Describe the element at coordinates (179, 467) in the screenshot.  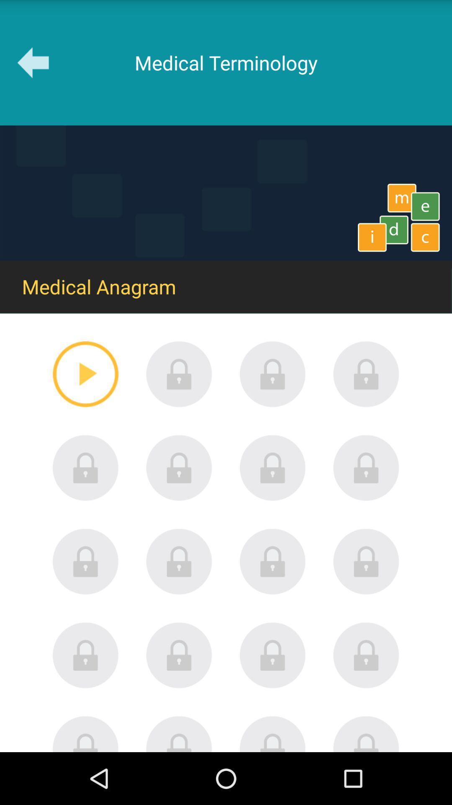
I see `locked term` at that location.